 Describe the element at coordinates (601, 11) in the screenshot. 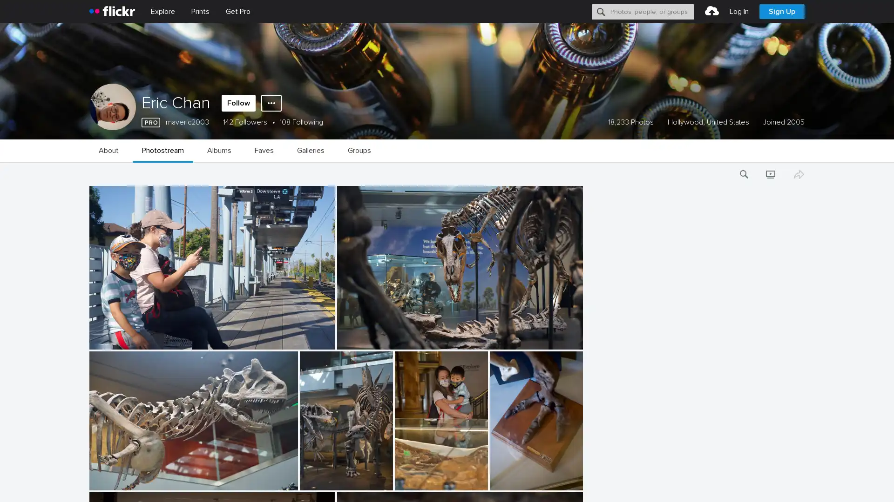

I see `Search` at that location.